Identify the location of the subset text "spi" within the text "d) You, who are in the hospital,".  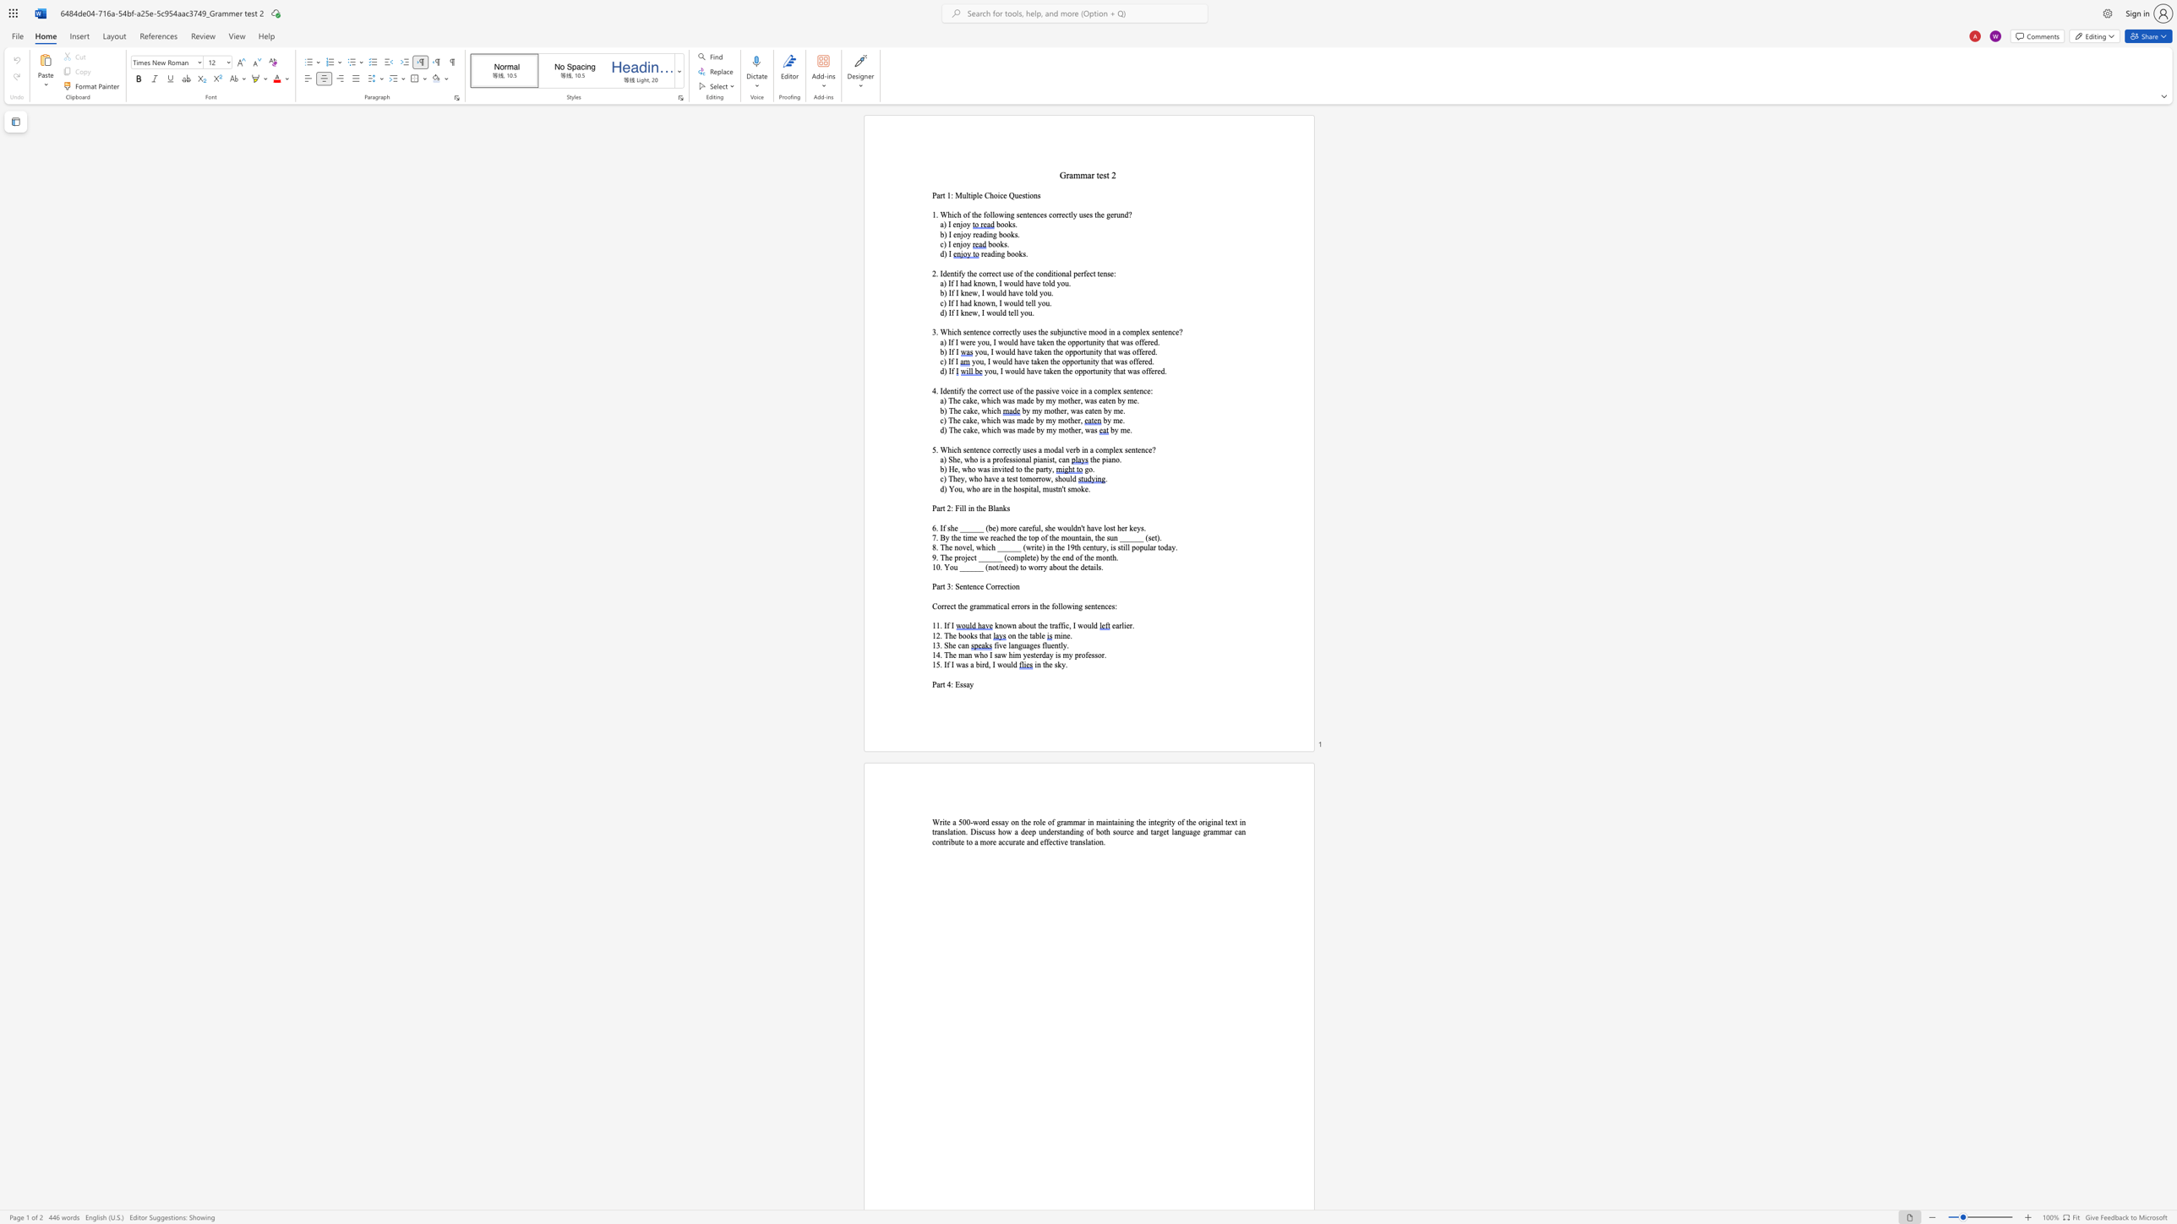
(1021, 489).